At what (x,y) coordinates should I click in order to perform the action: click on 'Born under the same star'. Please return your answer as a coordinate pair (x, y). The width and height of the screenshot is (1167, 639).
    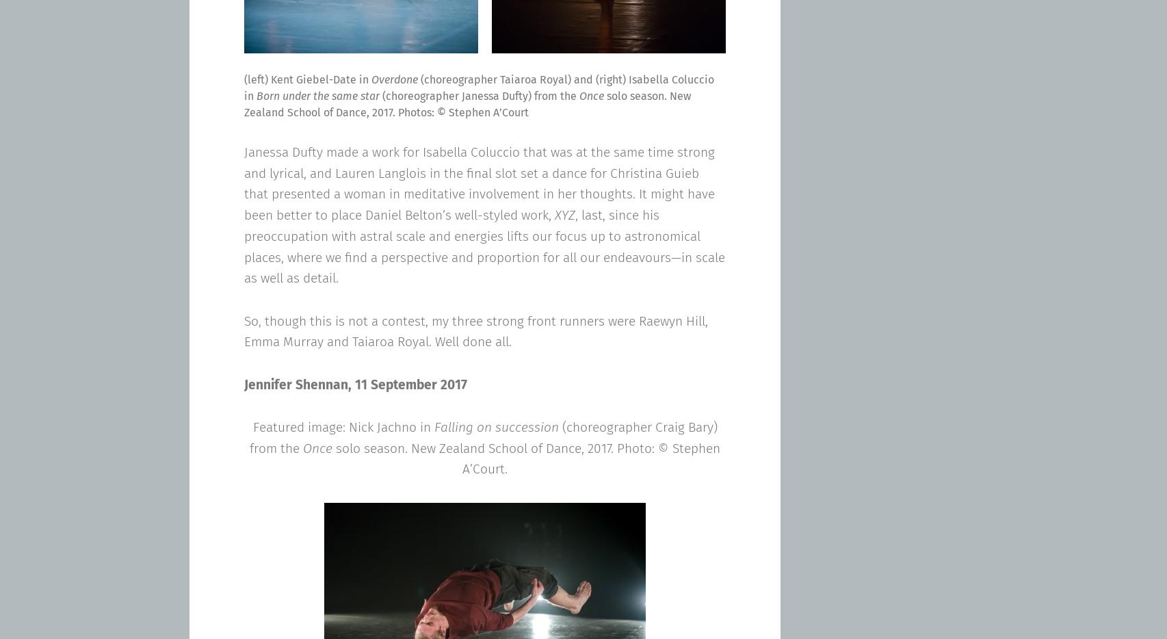
    Looking at the image, I should click on (317, 96).